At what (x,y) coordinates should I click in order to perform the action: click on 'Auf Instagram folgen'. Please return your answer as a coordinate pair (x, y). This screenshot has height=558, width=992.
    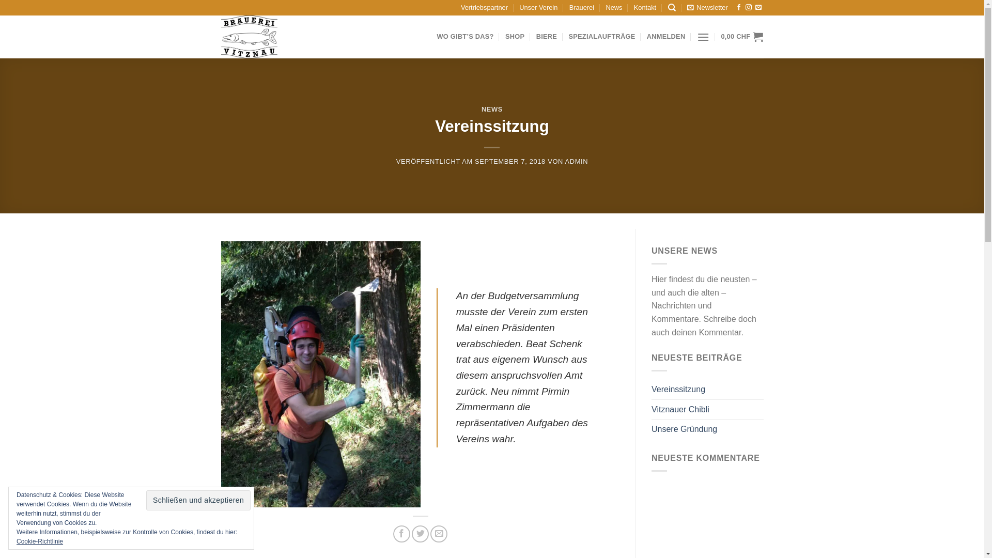
    Looking at the image, I should click on (749, 8).